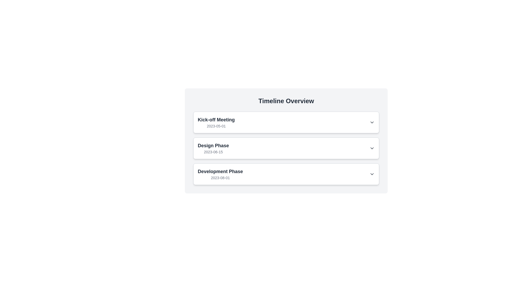  Describe the element at coordinates (286, 122) in the screenshot. I see `the topmost selectable item in the 'Timeline Overview' section` at that location.